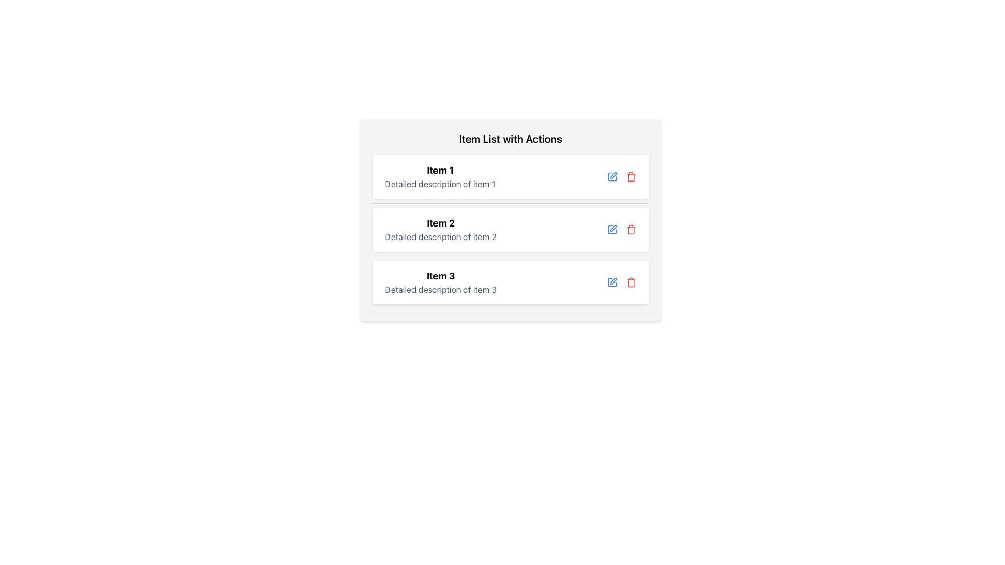 Image resolution: width=1005 pixels, height=565 pixels. Describe the element at coordinates (510, 203) in the screenshot. I see `the horizontal divider that separates 'Item 1' and 'Item 2' in the list` at that location.